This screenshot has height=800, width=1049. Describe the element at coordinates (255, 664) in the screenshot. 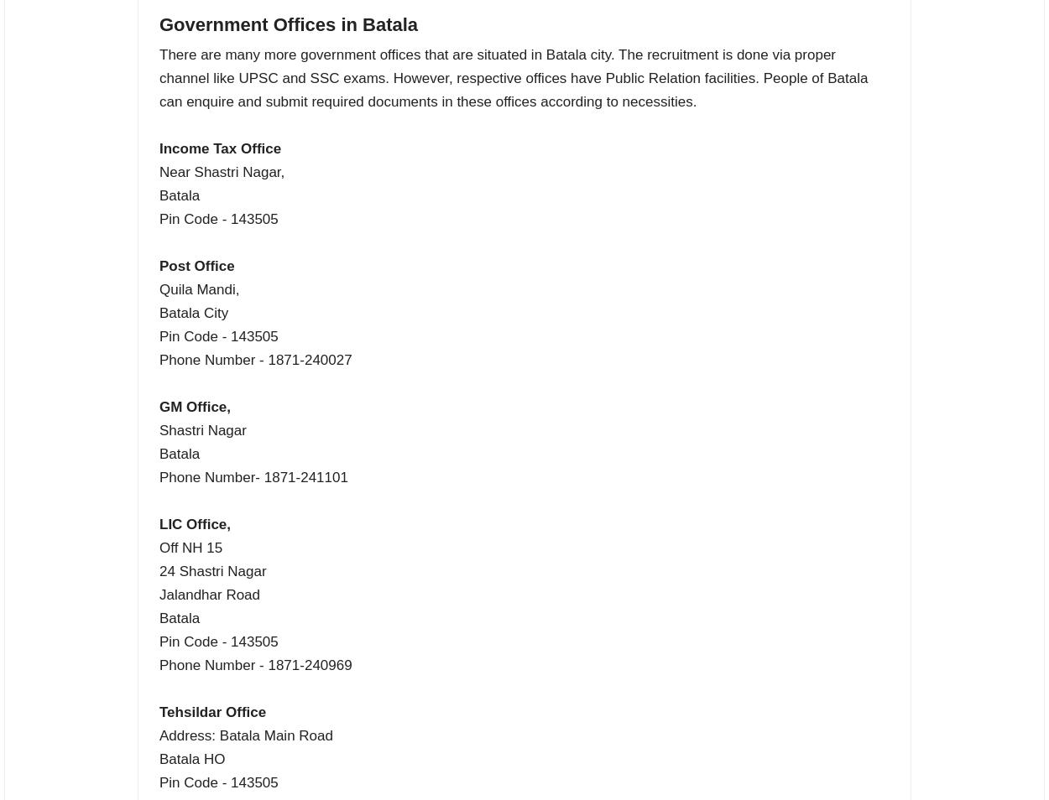

I see `'Phone Number - 1871-240969'` at that location.